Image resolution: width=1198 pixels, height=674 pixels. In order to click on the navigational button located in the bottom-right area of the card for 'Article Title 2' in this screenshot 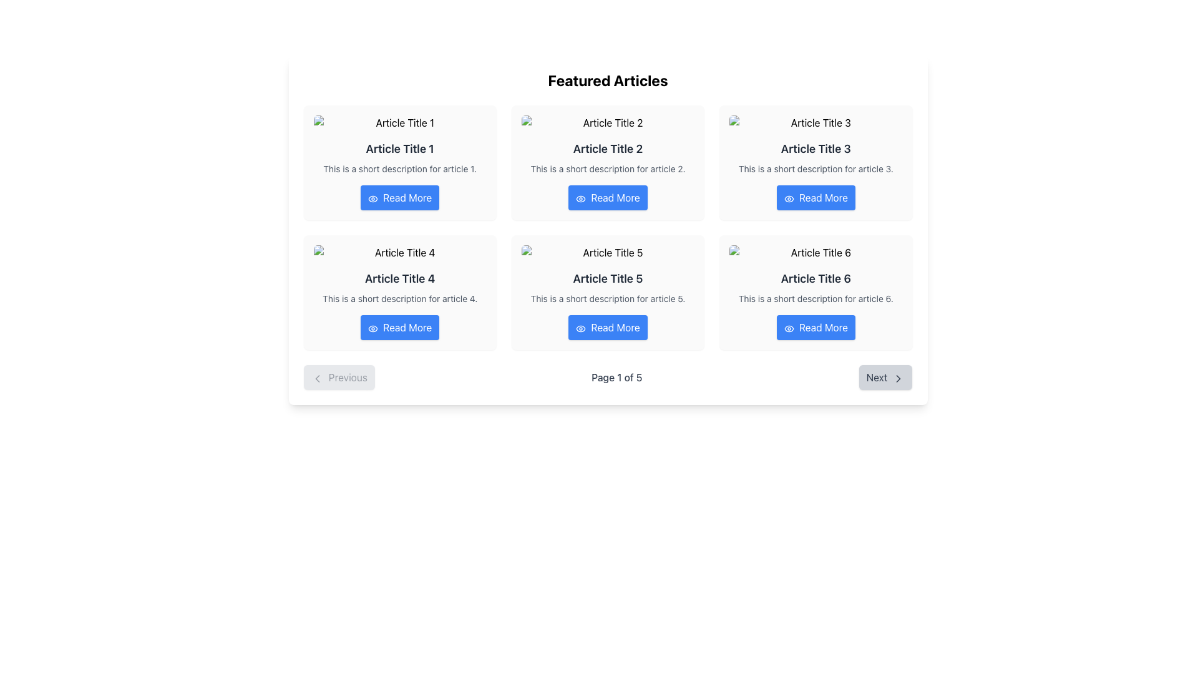, I will do `click(608, 197)`.